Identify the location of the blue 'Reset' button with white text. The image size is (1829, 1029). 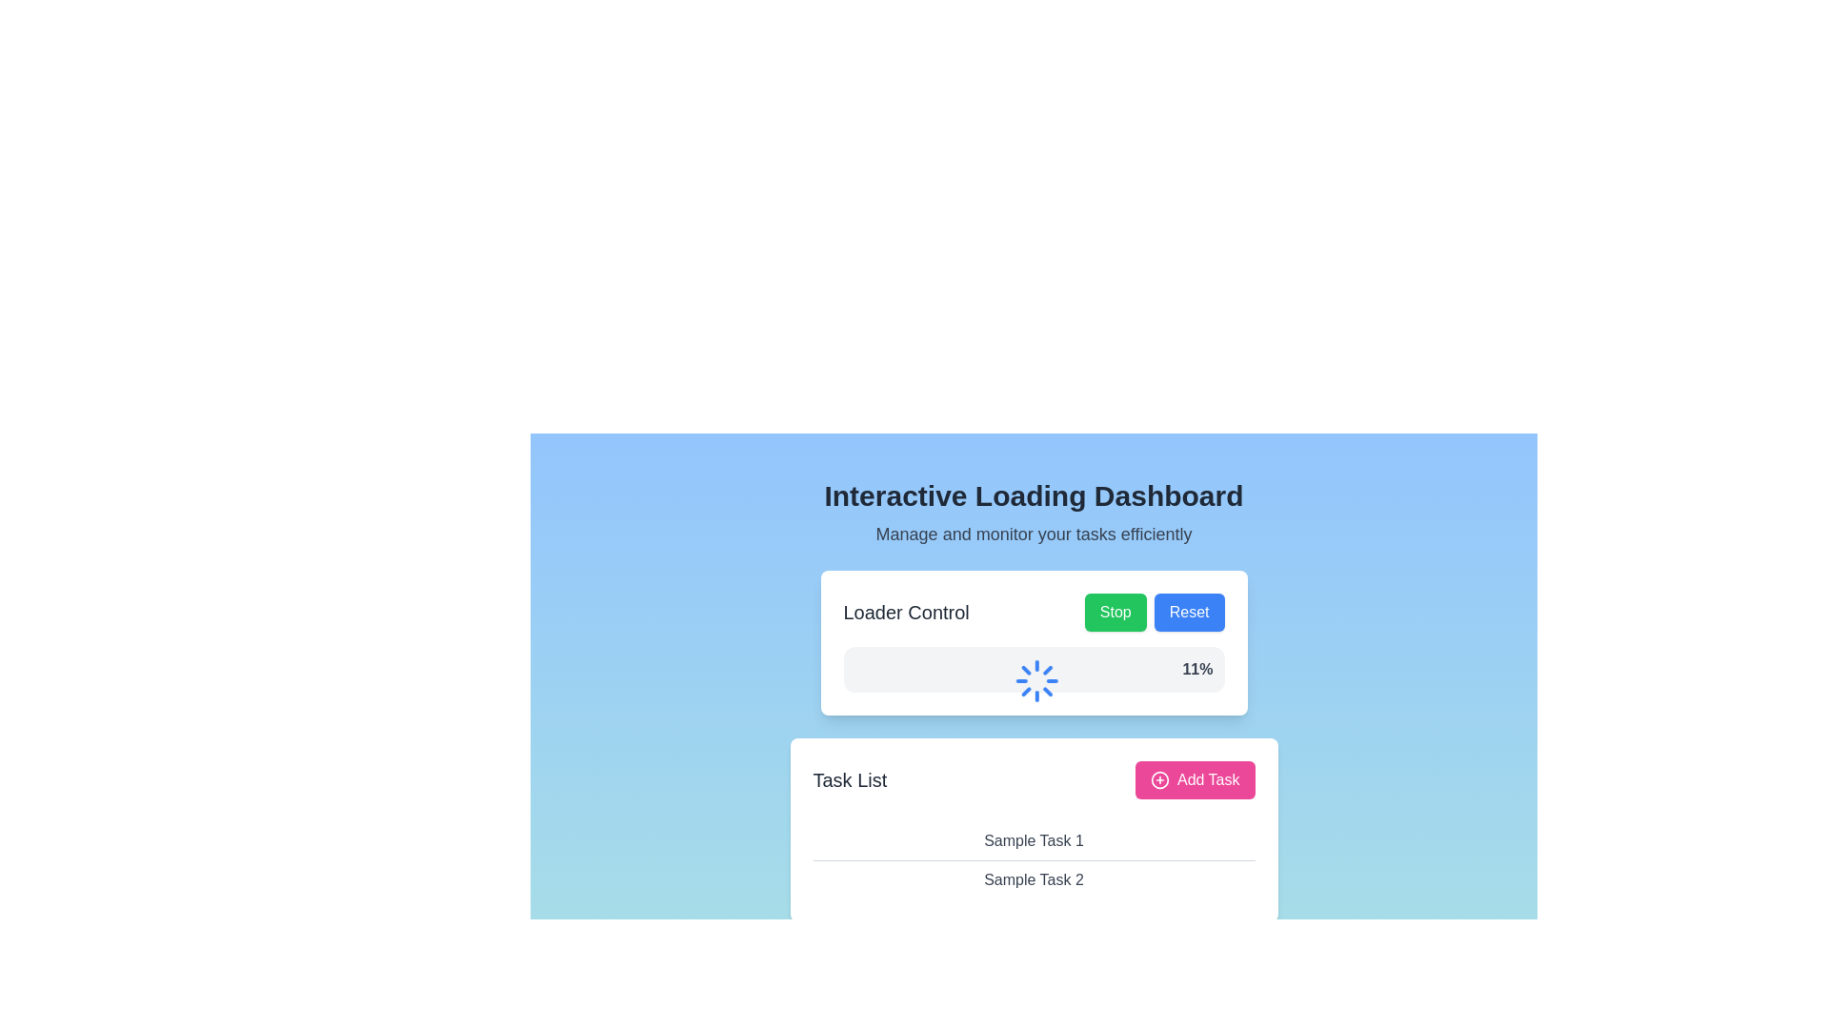
(1188, 613).